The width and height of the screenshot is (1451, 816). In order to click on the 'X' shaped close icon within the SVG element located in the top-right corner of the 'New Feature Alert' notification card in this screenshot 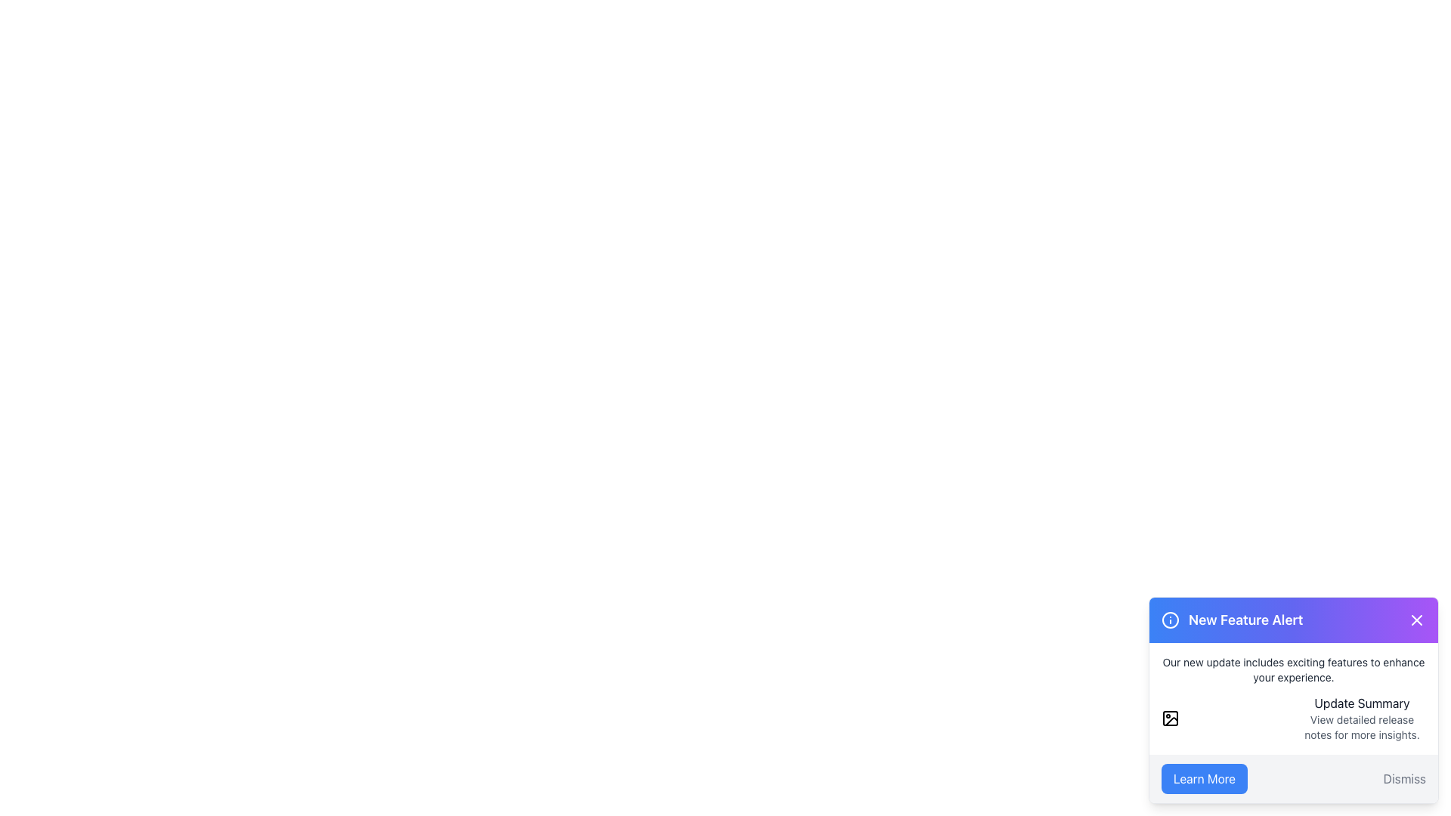, I will do `click(1416, 620)`.